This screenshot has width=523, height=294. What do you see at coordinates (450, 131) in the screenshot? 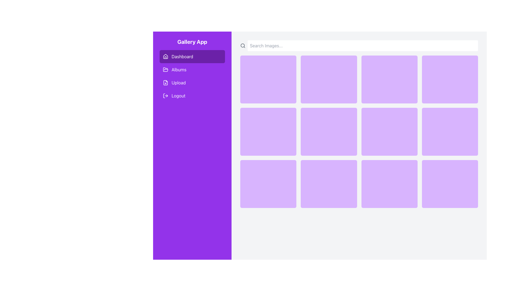
I see `the grid item located in the fourth column of the second row, which serves as a visual representation in a gallery or selection grid` at bounding box center [450, 131].